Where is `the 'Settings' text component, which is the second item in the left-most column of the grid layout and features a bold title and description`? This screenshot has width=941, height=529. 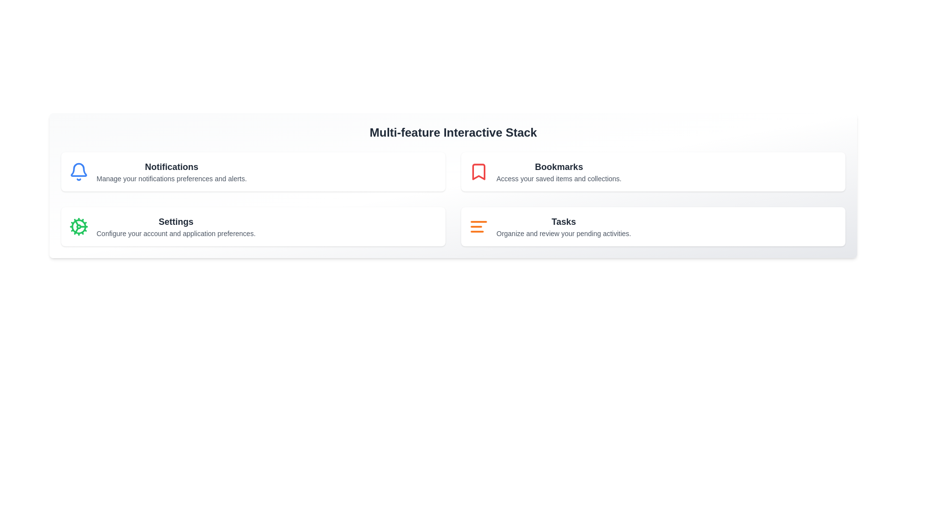 the 'Settings' text component, which is the second item in the left-most column of the grid layout and features a bold title and description is located at coordinates (176, 226).